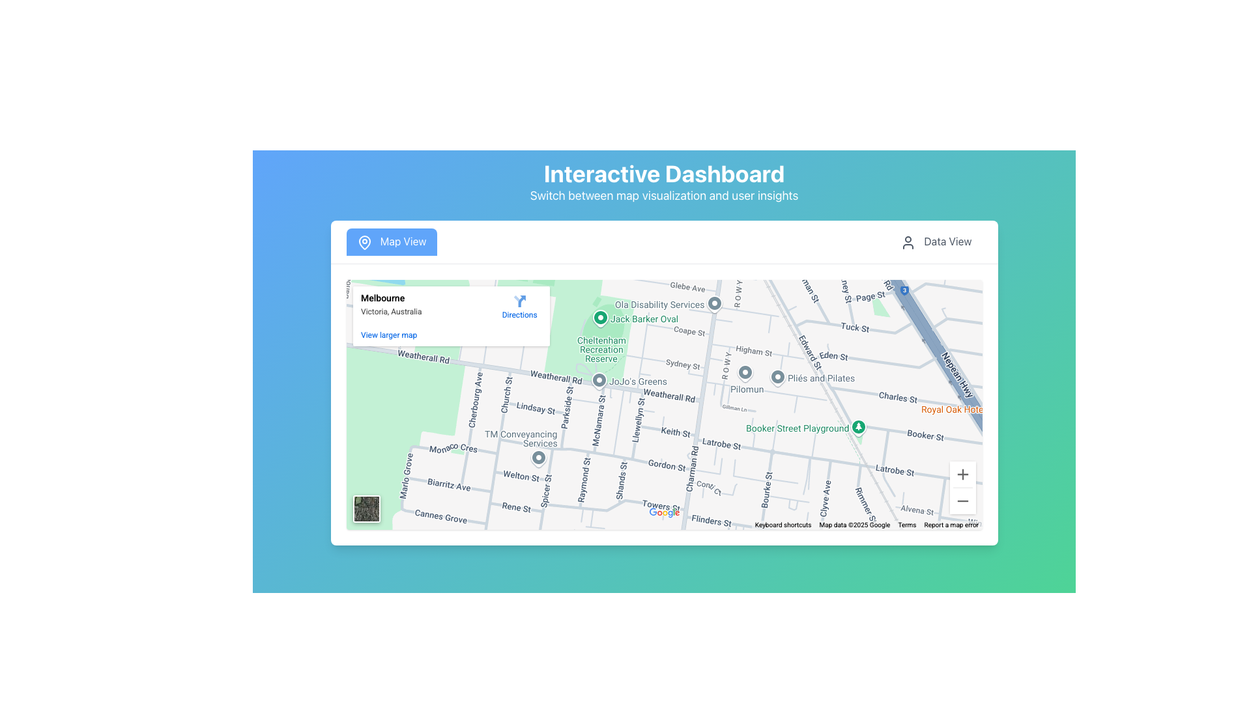 The height and width of the screenshot is (703, 1251). I want to click on the graphical marker used as a visual indicator for location selection on the map interface, located slightly below the 'Map View' tab, so click(364, 242).